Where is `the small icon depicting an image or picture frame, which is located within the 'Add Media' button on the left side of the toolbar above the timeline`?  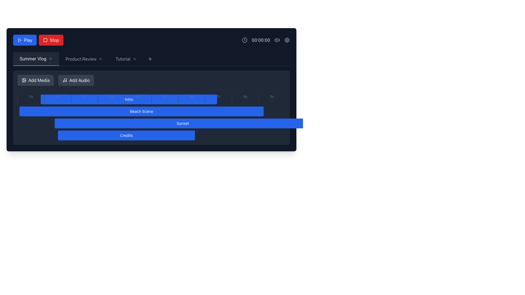
the small icon depicting an image or picture frame, which is located within the 'Add Media' button on the left side of the toolbar above the timeline is located at coordinates (24, 80).